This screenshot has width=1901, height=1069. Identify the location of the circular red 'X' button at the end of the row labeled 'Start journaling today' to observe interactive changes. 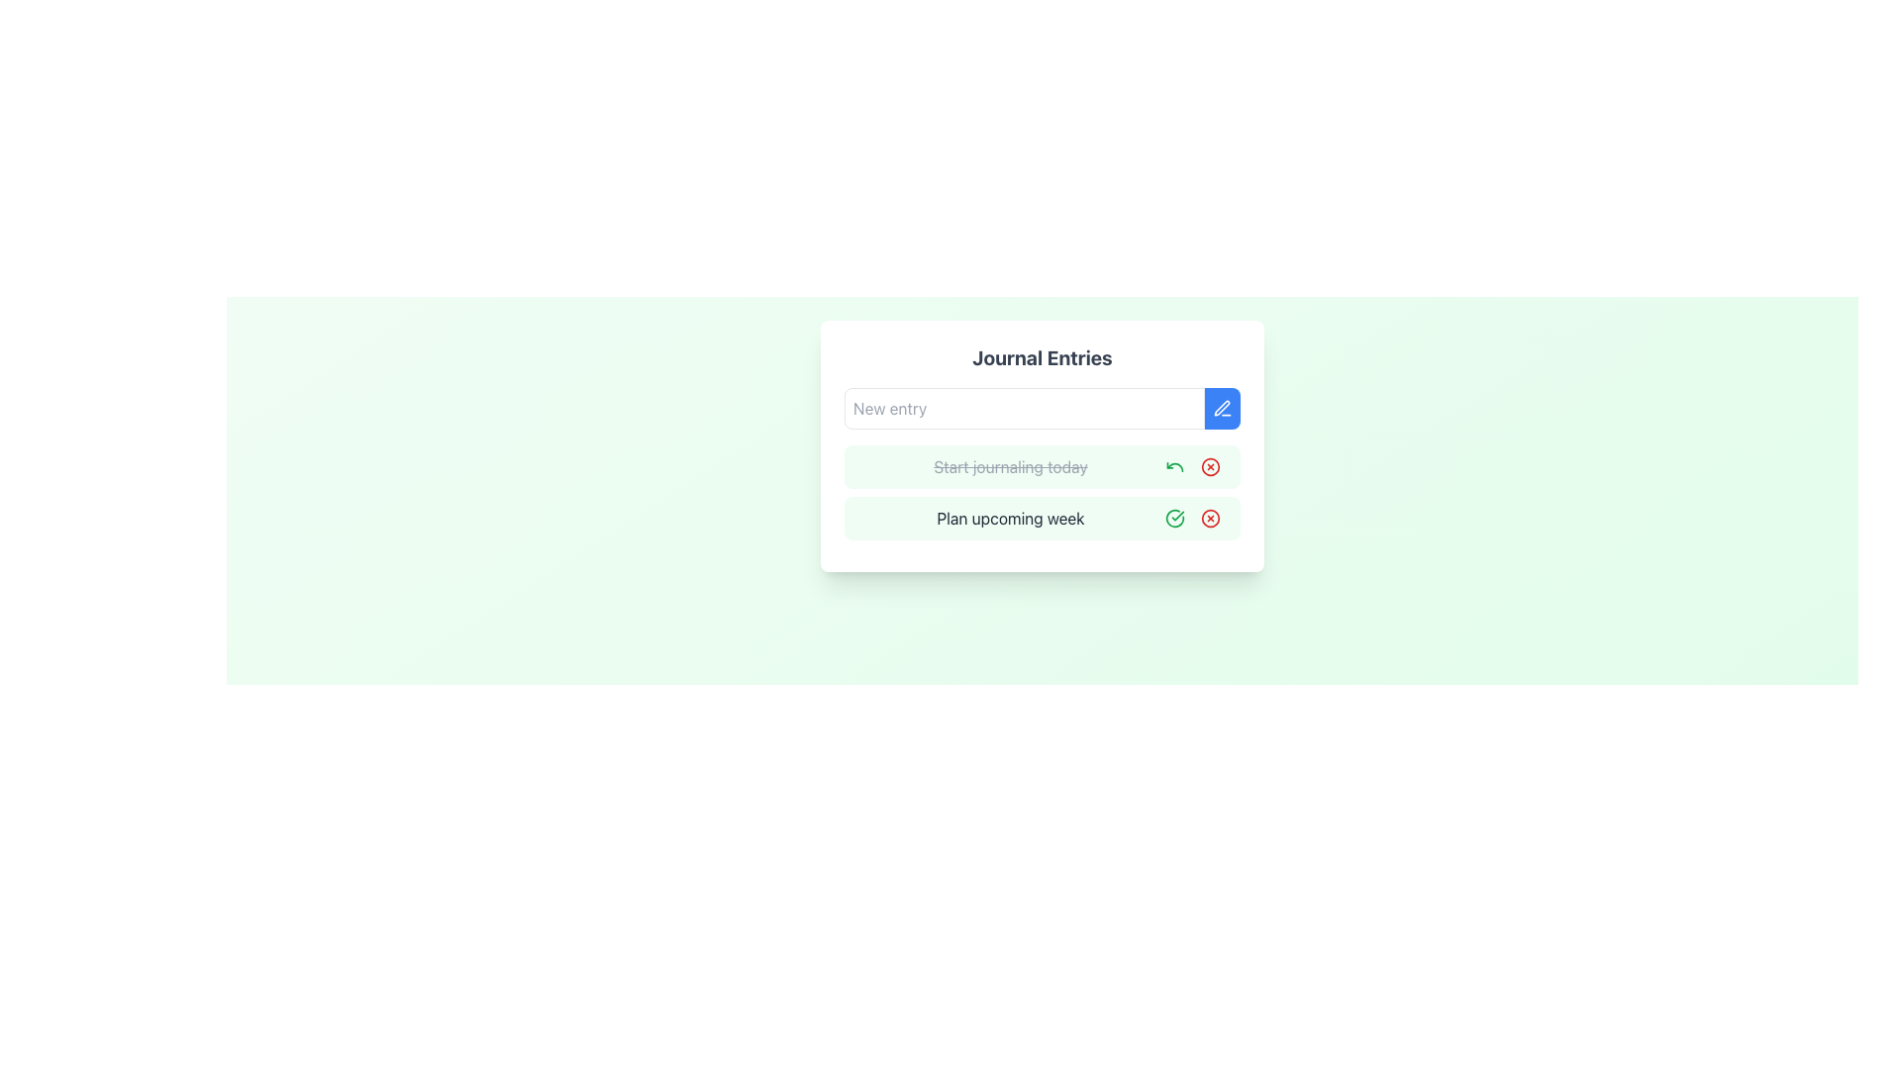
(1210, 466).